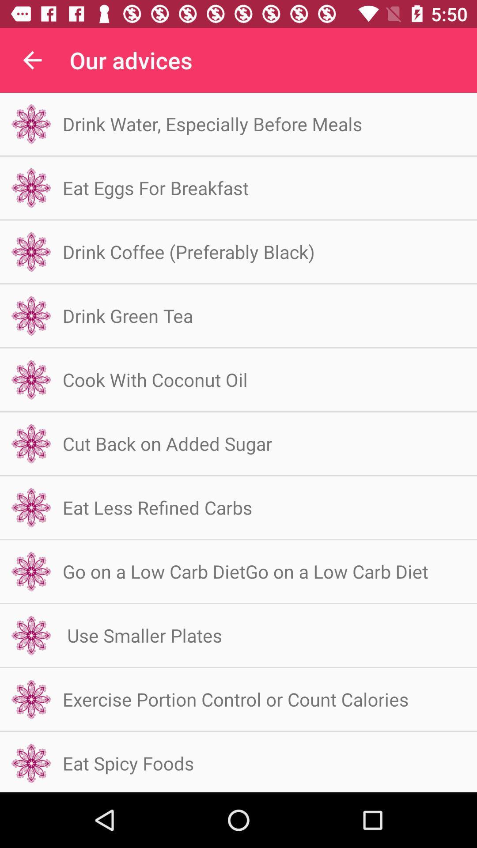  Describe the element at coordinates (32, 60) in the screenshot. I see `the item to the left of the our advices app` at that location.